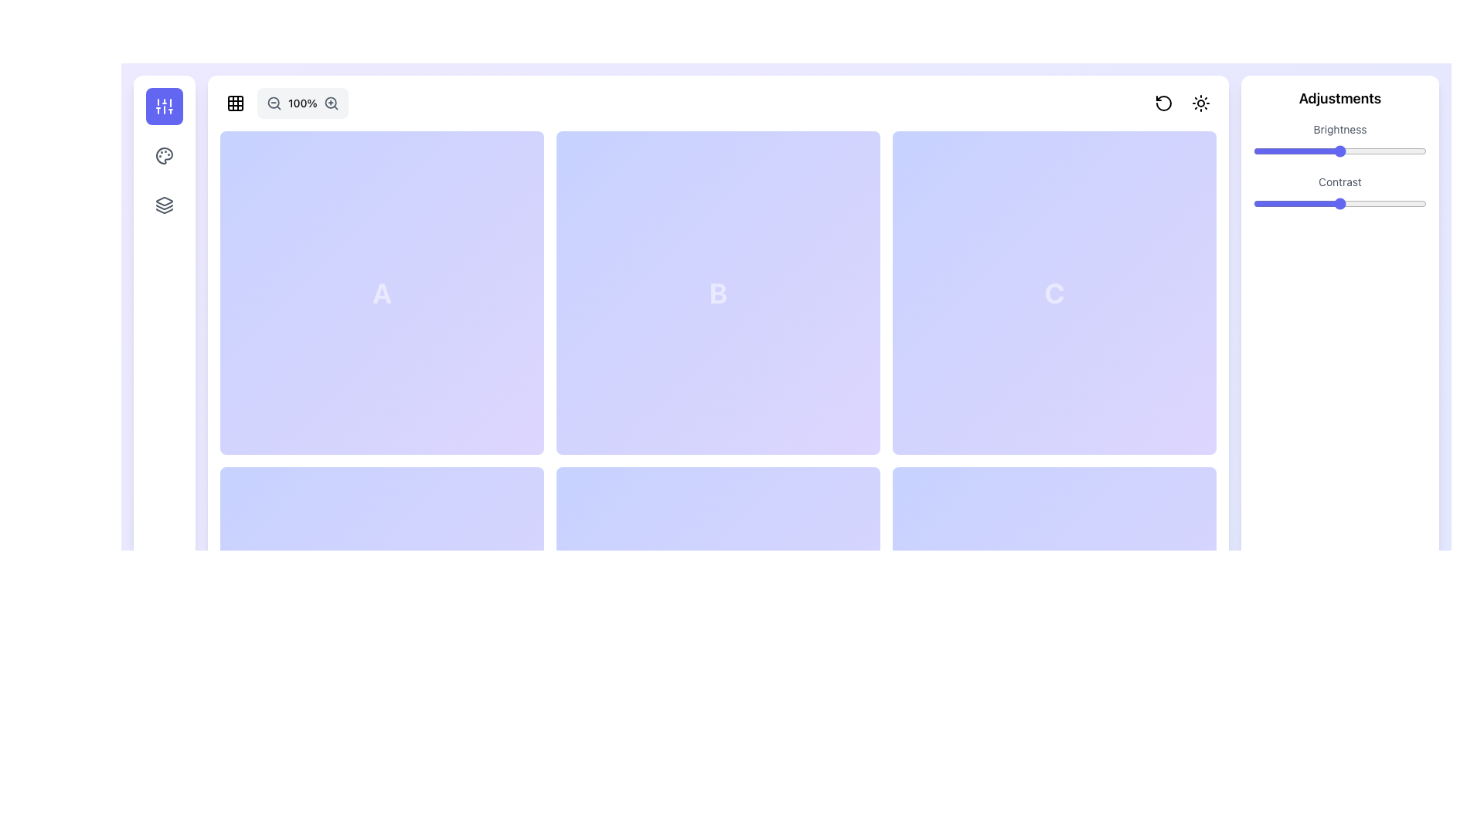  Describe the element at coordinates (1200, 103) in the screenshot. I see `the button in the top-right corner of the interface` at that location.